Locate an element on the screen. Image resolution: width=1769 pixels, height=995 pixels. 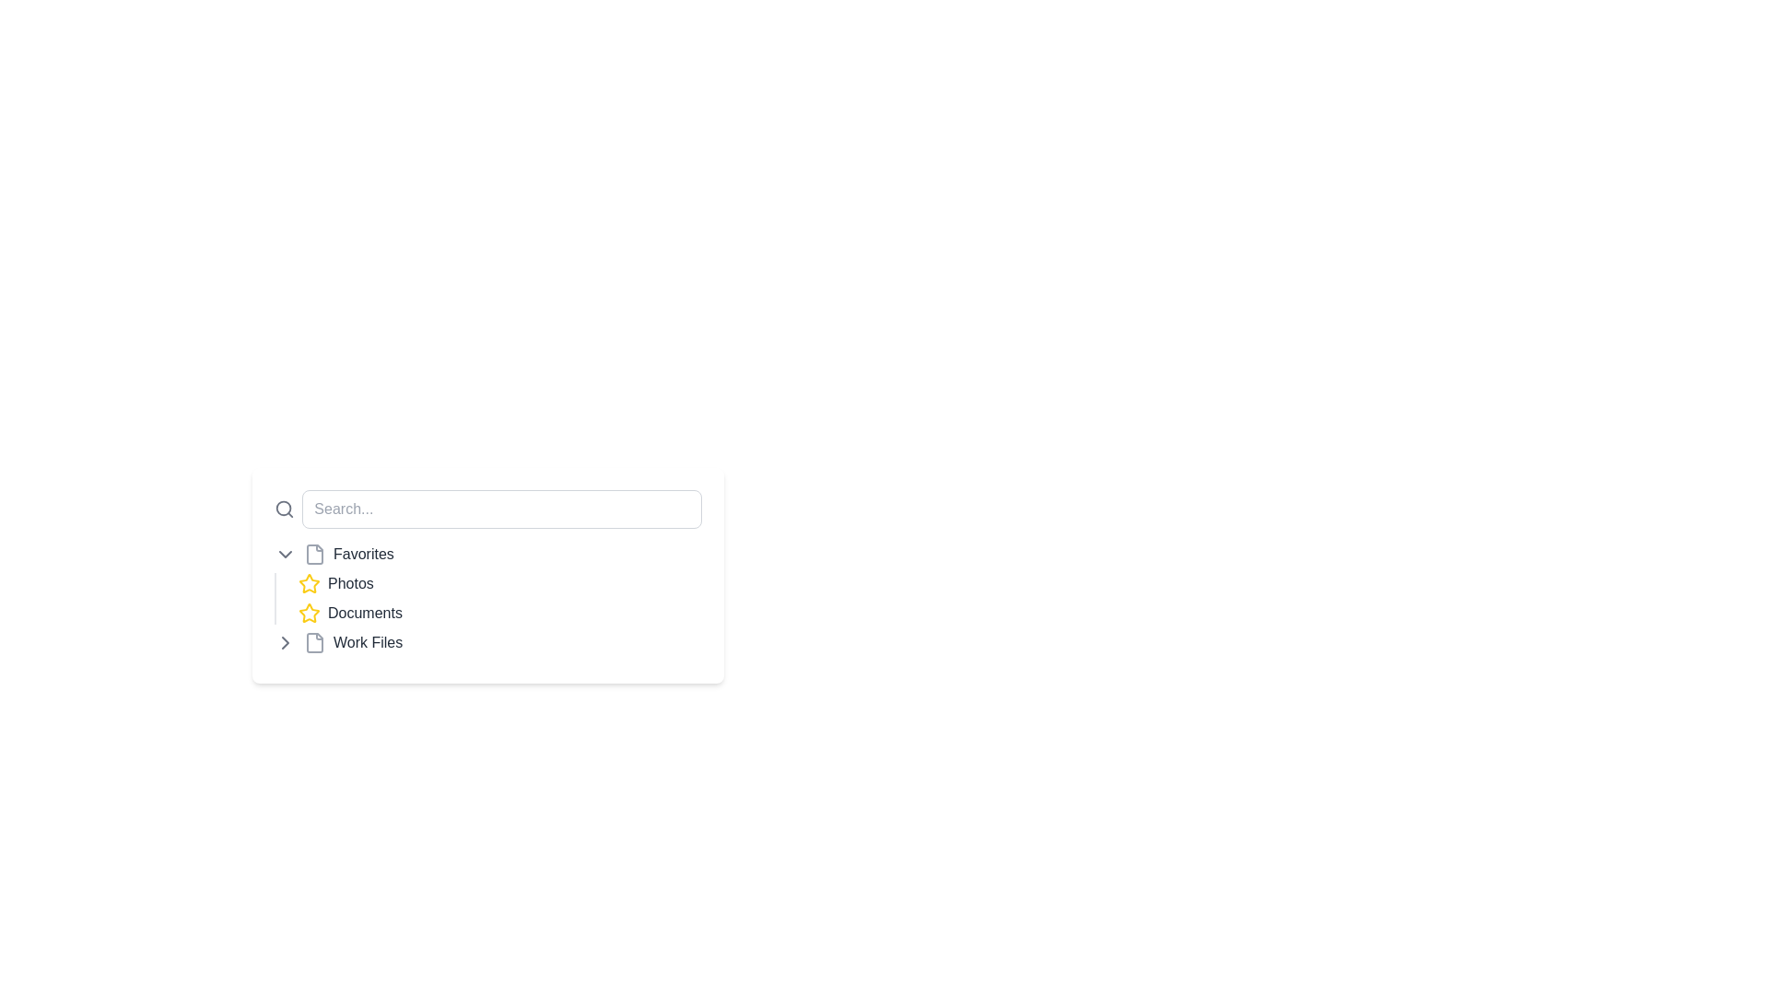
the text label 'Work Files', which is located at the bottommost row of a vertical list, following 'Favorites', 'Photos', and 'Documents' is located at coordinates (368, 642).